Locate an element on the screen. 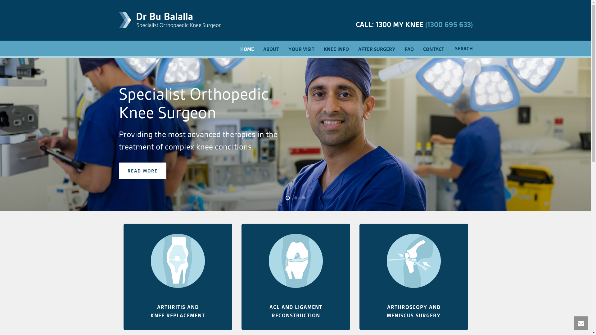 The height and width of the screenshot is (335, 596). 'FAQ' is located at coordinates (409, 48).